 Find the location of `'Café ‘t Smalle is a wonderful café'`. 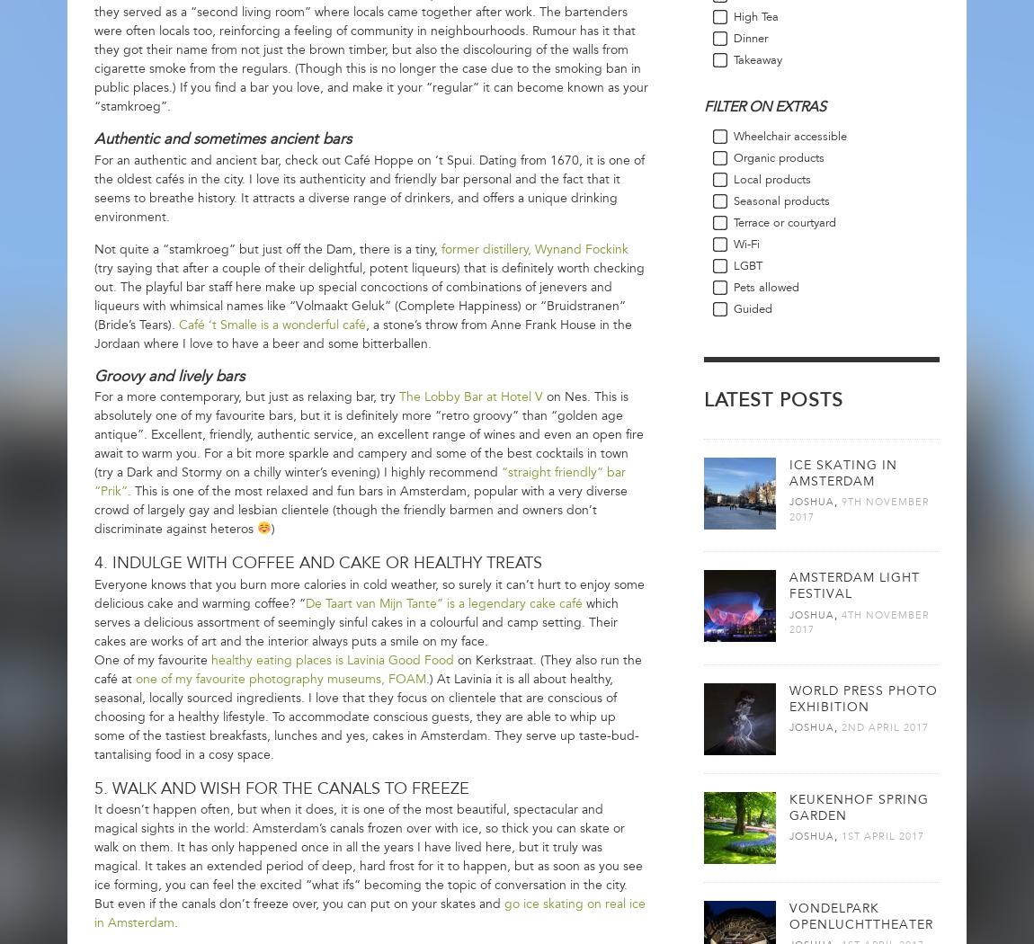

'Café ‘t Smalle is a wonderful café' is located at coordinates (272, 323).